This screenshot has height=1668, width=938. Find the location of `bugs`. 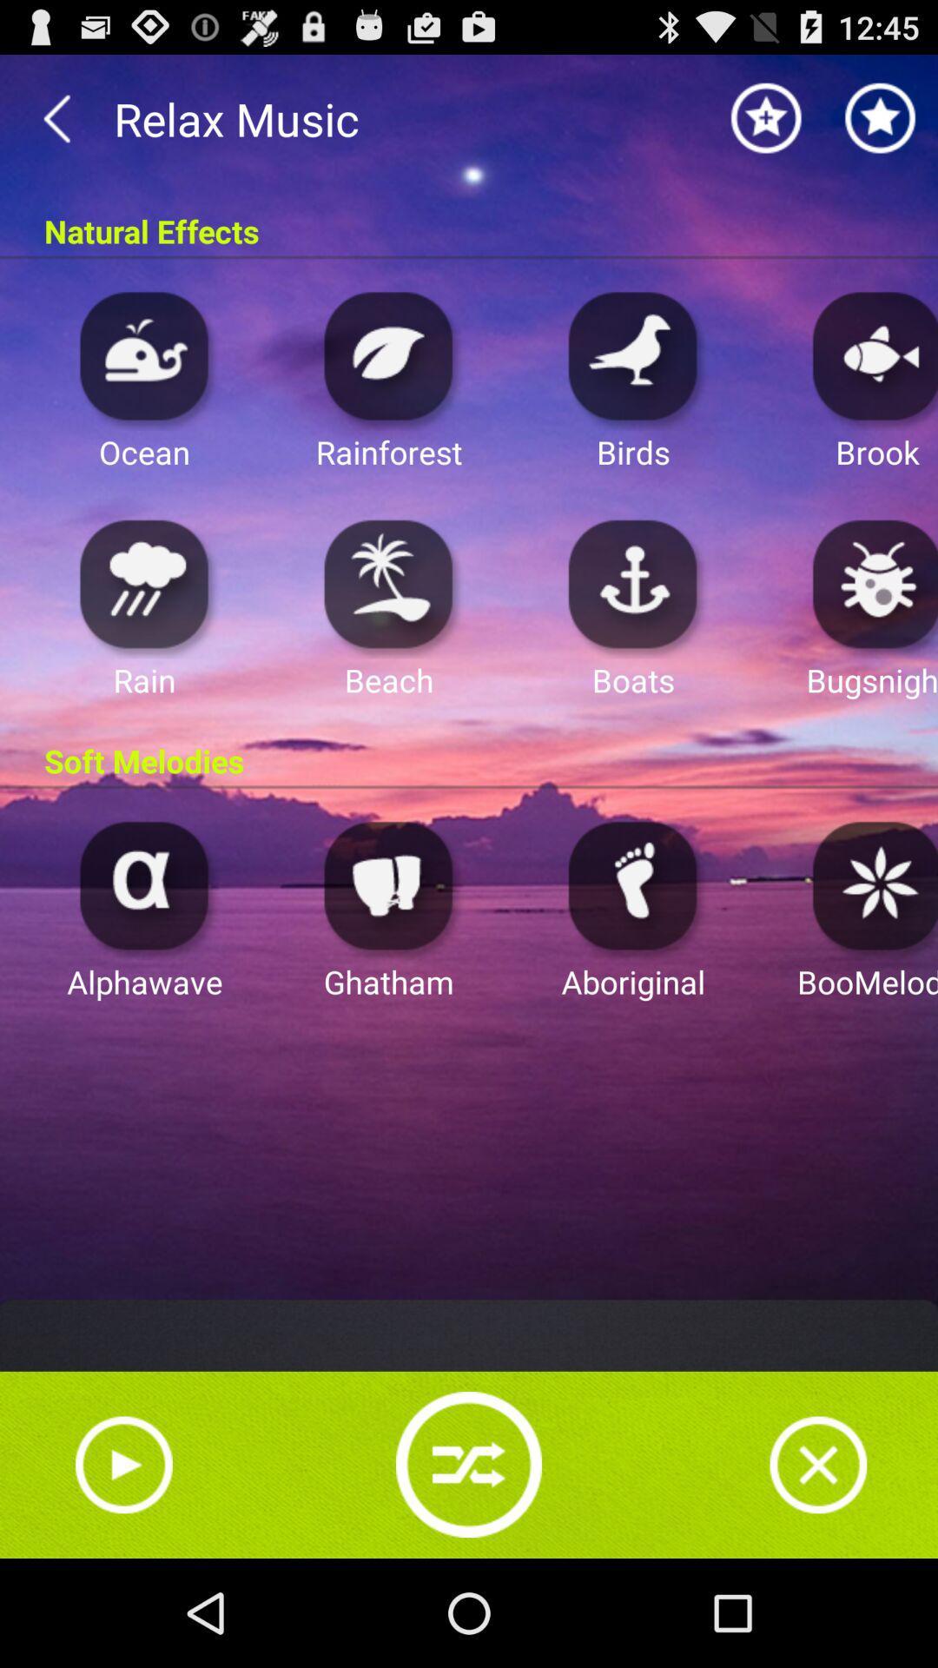

bugs is located at coordinates (870, 583).